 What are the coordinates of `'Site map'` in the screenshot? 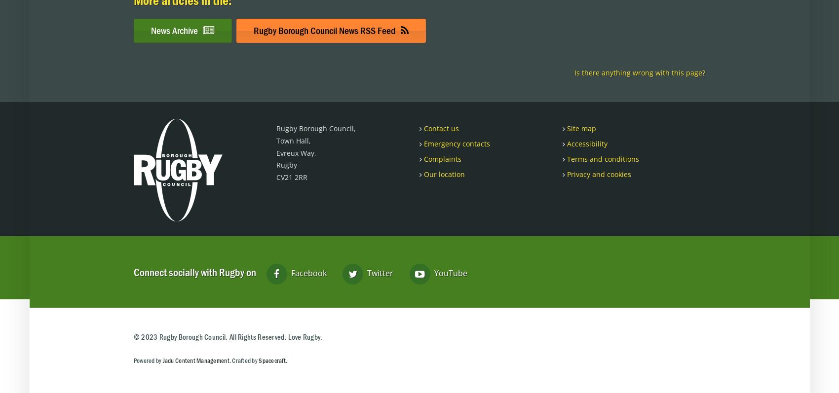 It's located at (579, 128).